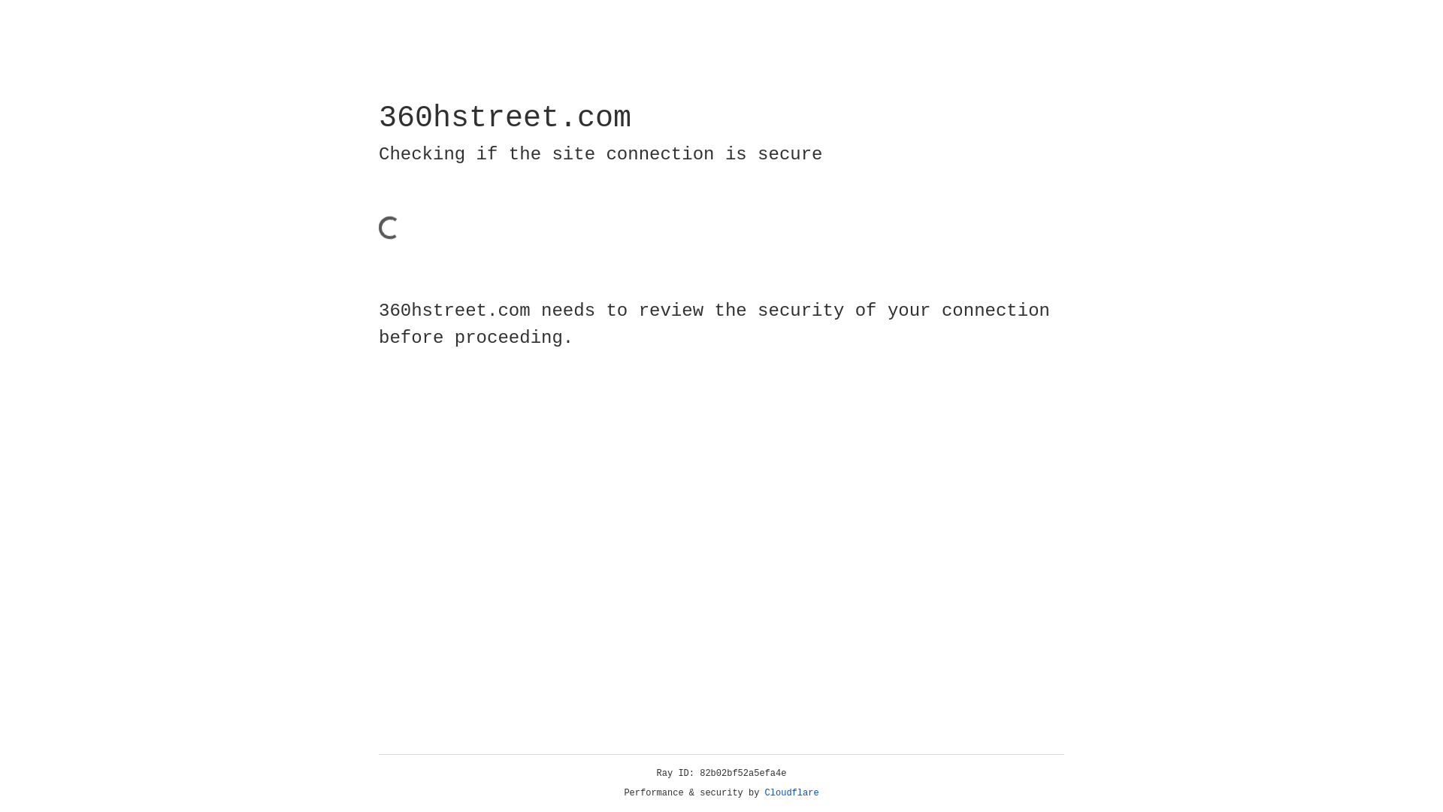 The width and height of the screenshot is (1443, 812). I want to click on 'Cloudflare', so click(791, 792).